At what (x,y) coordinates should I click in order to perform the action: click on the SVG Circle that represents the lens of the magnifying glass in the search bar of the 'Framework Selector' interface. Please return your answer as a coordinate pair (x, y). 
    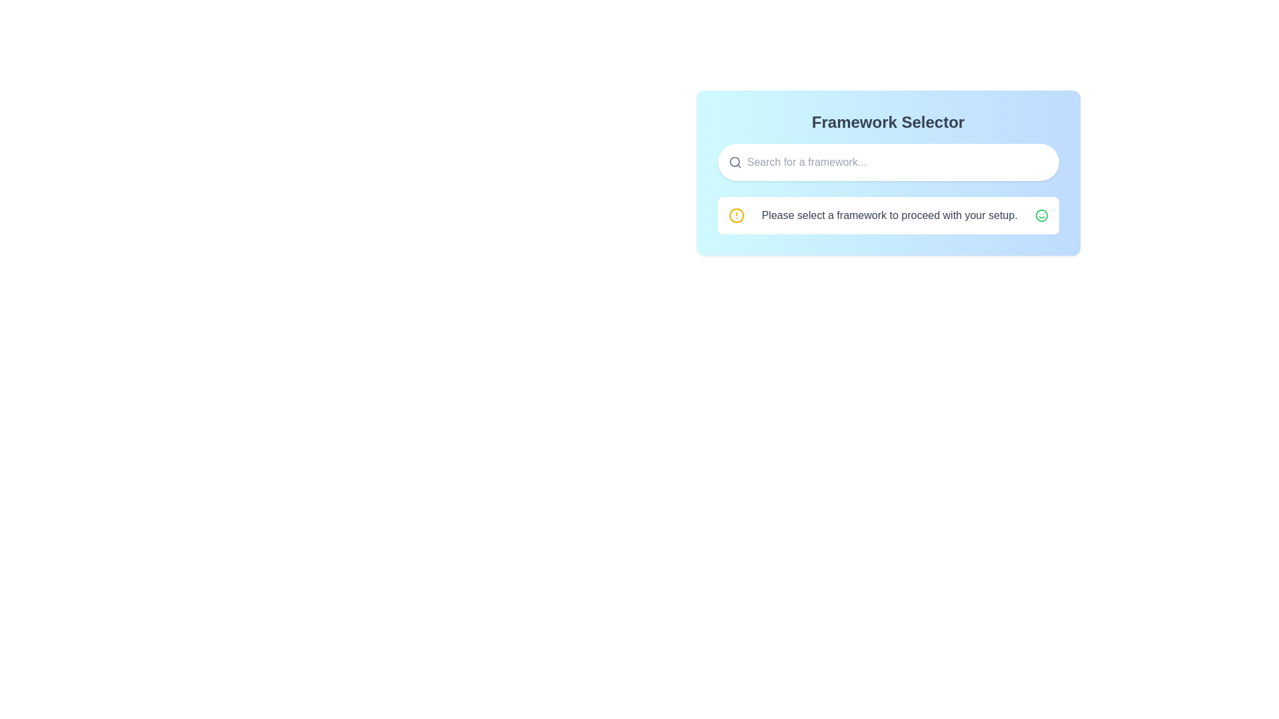
    Looking at the image, I should click on (733, 161).